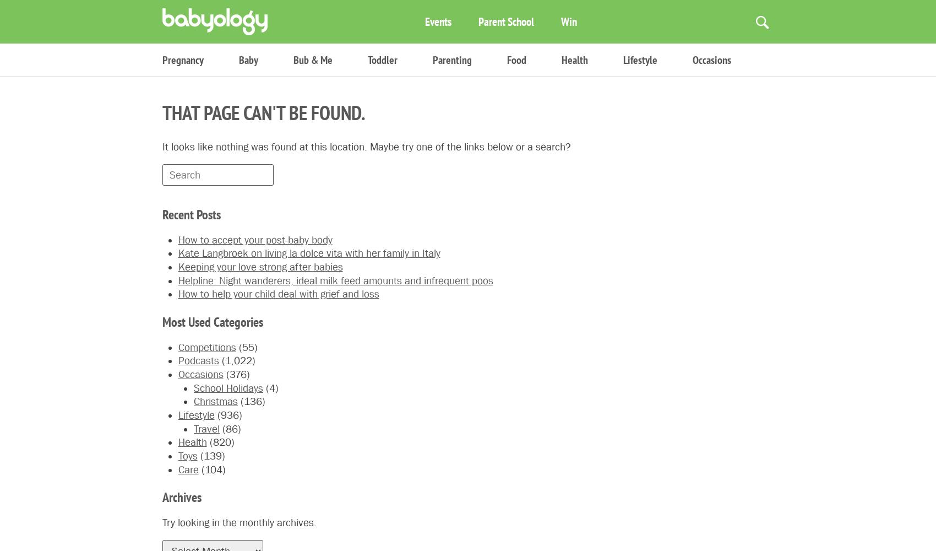 This screenshot has width=936, height=551. I want to click on 'Events', so click(437, 21).